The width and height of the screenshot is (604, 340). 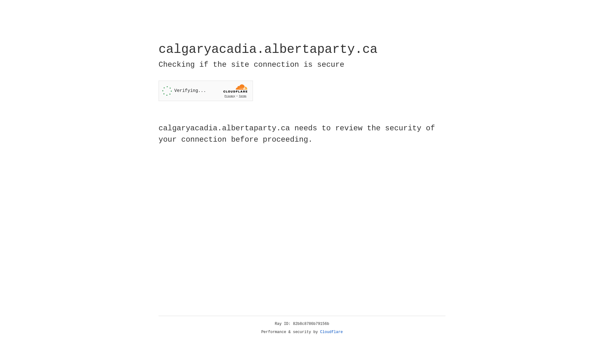 I want to click on 'Cloudflare', so click(x=331, y=332).